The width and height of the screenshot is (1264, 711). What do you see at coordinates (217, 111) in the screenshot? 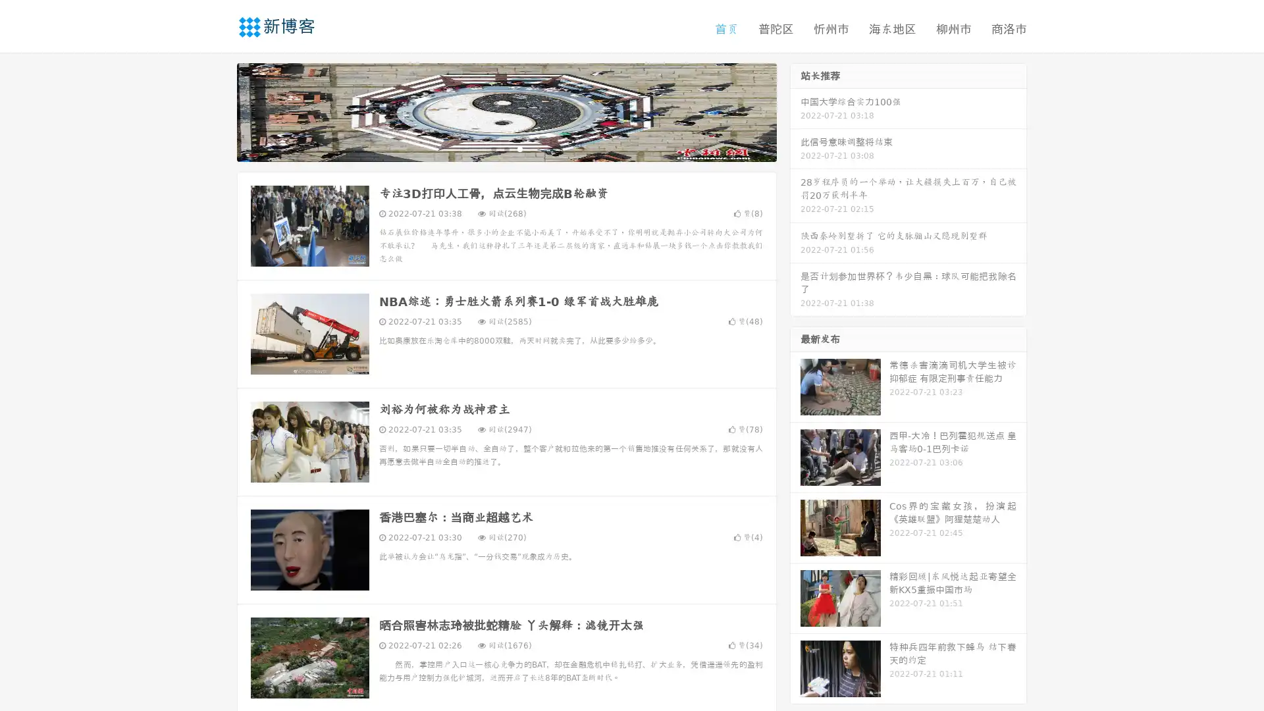
I see `Previous slide` at bounding box center [217, 111].